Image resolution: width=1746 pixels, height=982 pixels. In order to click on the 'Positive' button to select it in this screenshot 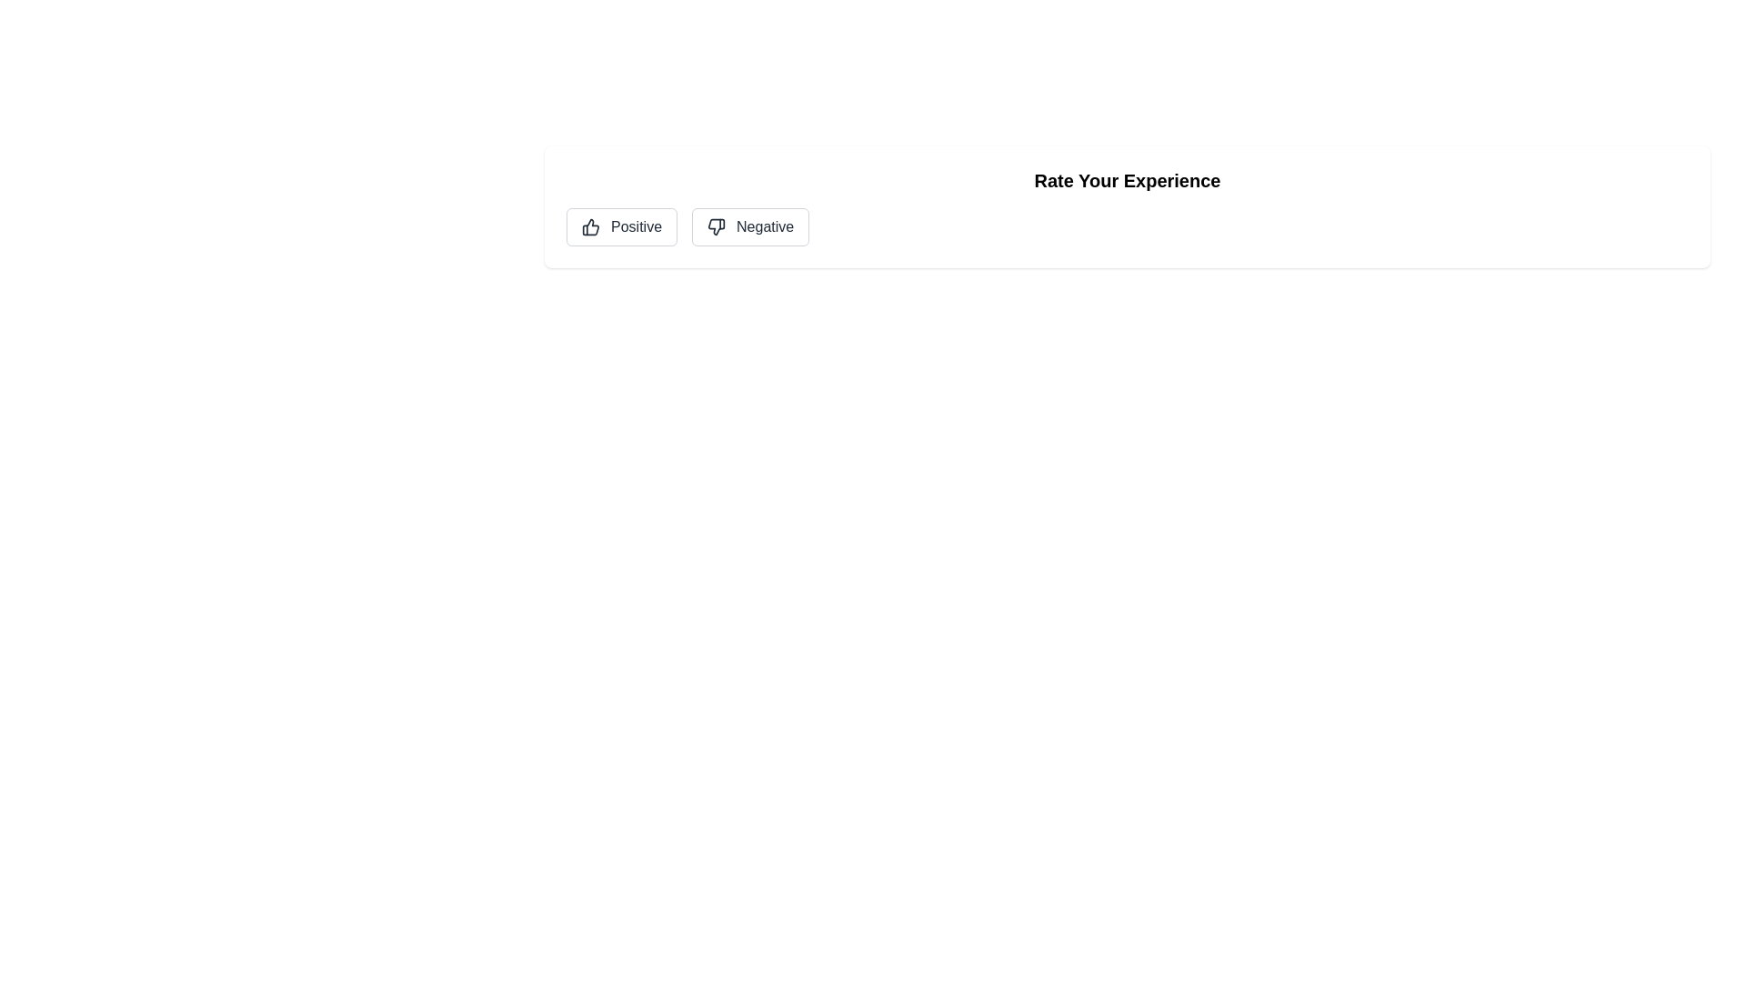, I will do `click(622, 226)`.